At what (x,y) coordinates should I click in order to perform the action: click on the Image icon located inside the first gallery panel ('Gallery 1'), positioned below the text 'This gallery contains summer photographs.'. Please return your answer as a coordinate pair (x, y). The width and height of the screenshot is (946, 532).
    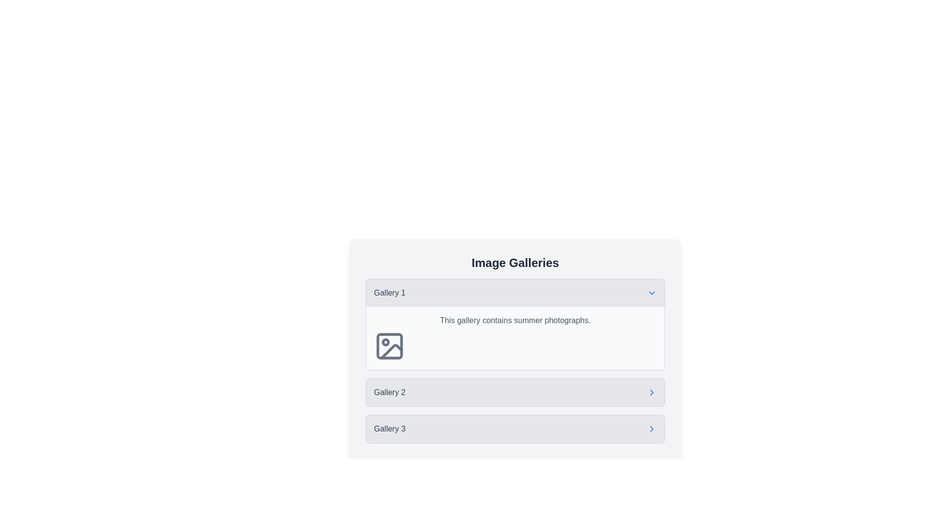
    Looking at the image, I should click on (389, 345).